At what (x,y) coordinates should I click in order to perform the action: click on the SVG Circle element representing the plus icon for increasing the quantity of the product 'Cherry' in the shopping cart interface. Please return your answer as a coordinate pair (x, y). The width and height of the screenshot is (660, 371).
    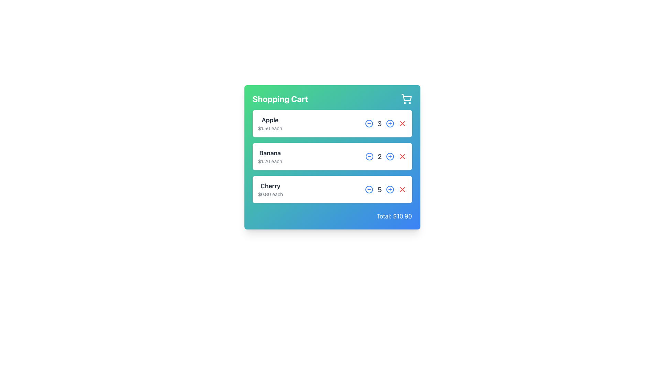
    Looking at the image, I should click on (390, 189).